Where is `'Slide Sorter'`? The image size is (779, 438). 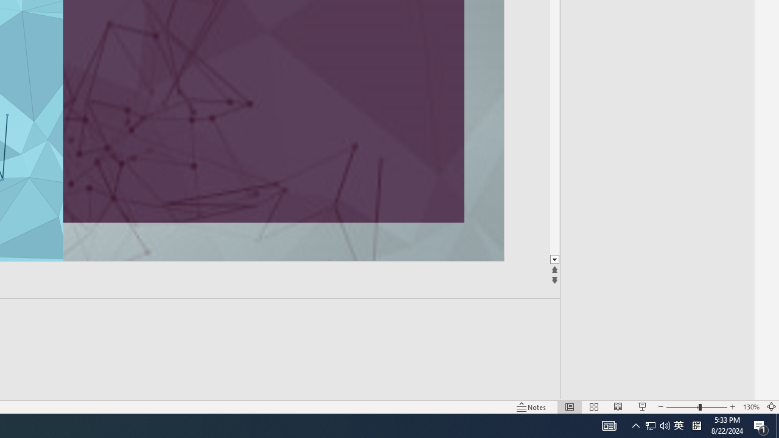
'Slide Sorter' is located at coordinates (594, 407).